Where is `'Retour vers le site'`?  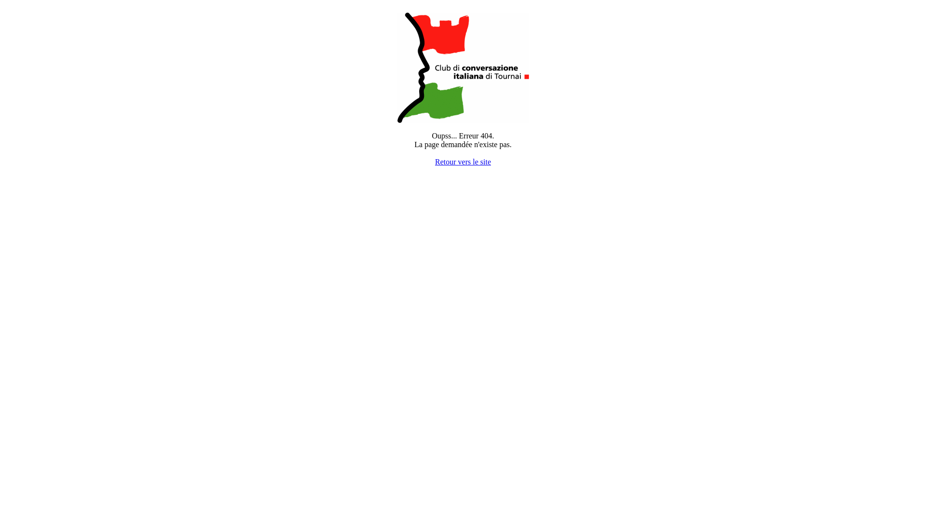 'Retour vers le site' is located at coordinates (435, 161).